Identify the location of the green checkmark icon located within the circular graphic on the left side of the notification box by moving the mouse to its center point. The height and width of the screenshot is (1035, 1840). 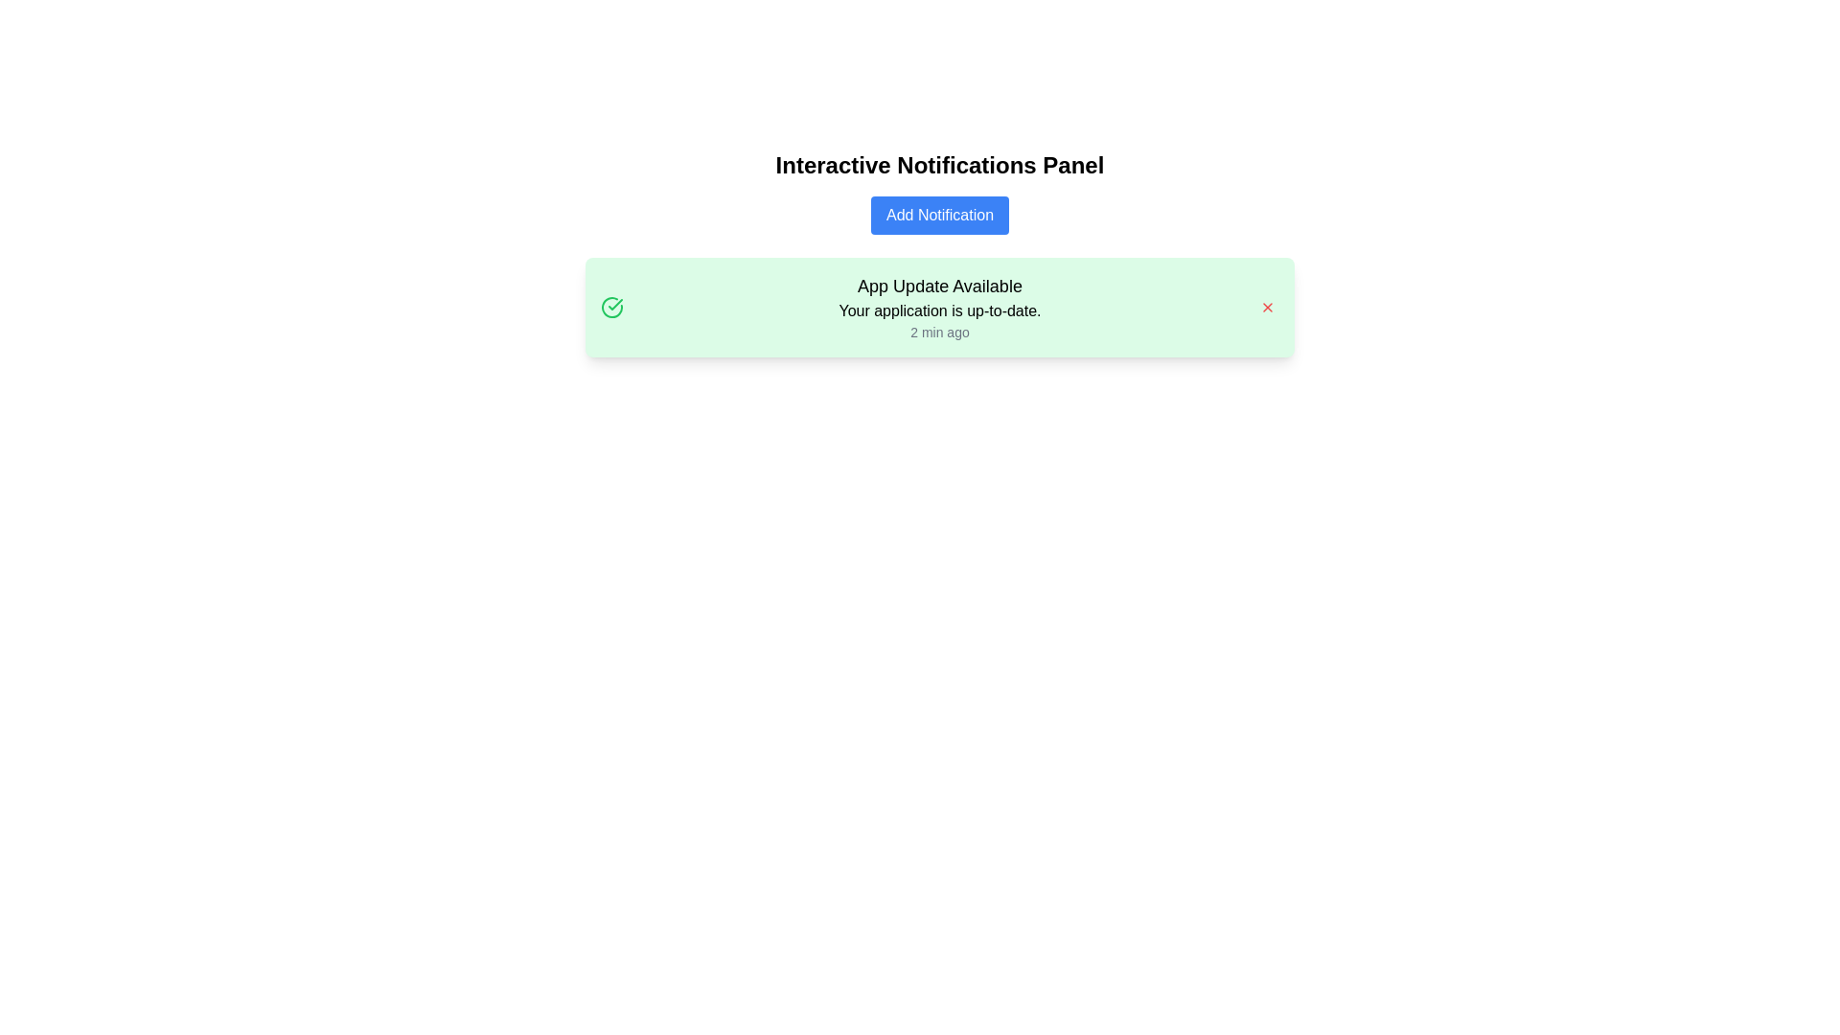
(615, 303).